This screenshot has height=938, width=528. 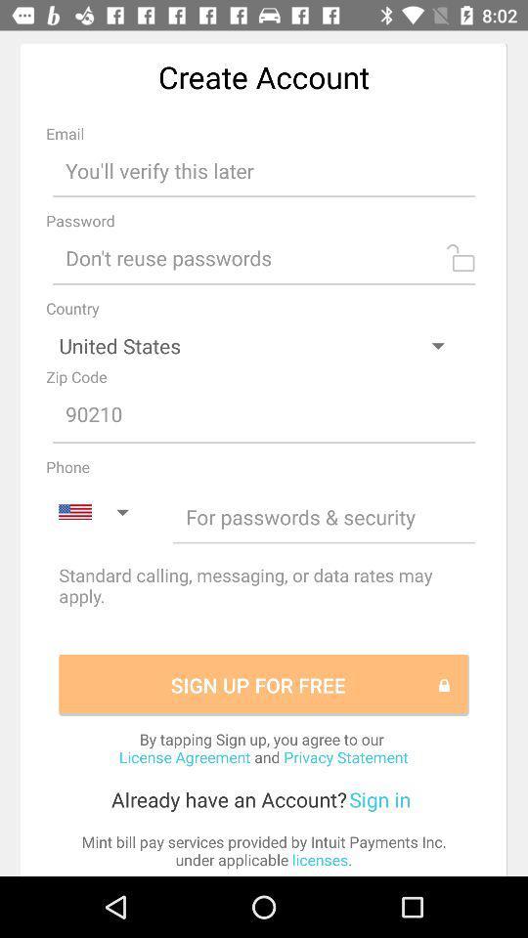 What do you see at coordinates (264, 849) in the screenshot?
I see `the icon below sign in icon` at bounding box center [264, 849].